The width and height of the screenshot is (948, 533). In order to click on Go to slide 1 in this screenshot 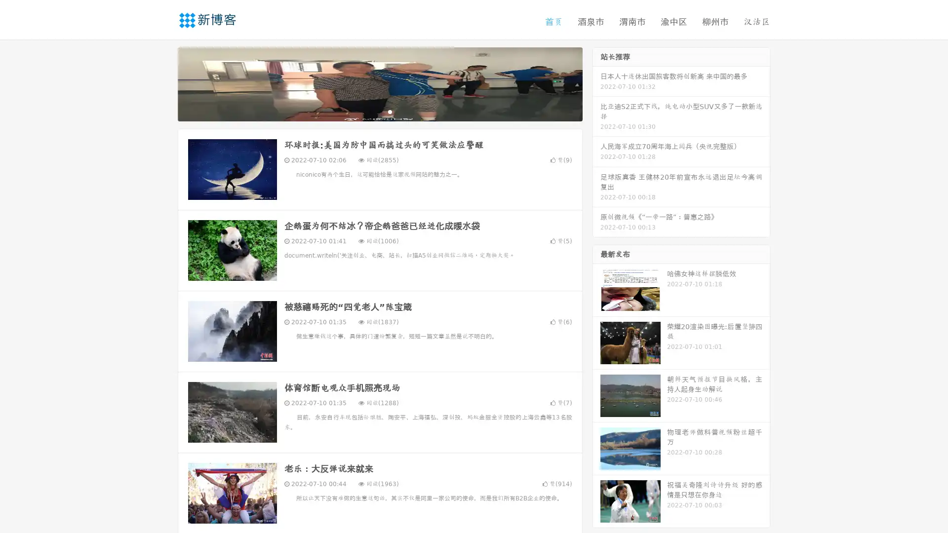, I will do `click(369, 111)`.